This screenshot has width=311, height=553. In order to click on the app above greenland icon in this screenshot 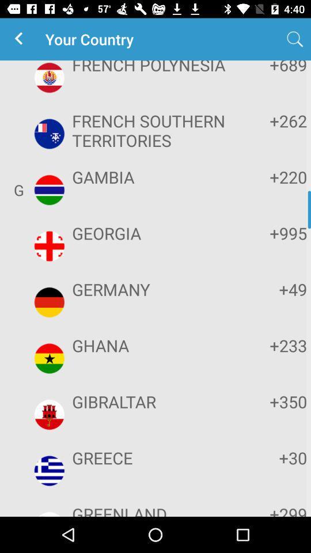, I will do `click(154, 457)`.